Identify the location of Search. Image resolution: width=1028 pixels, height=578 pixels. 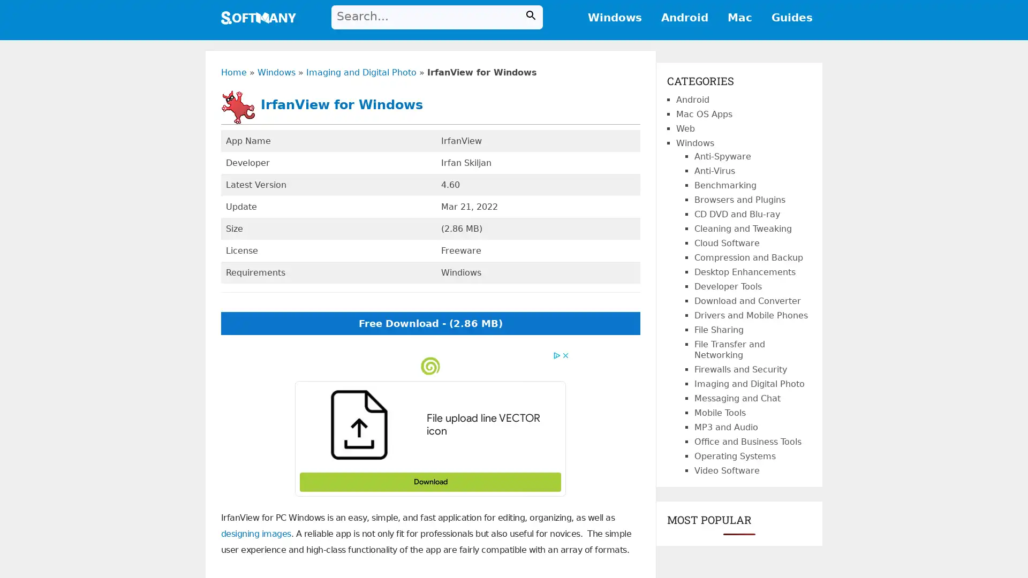
(531, 17).